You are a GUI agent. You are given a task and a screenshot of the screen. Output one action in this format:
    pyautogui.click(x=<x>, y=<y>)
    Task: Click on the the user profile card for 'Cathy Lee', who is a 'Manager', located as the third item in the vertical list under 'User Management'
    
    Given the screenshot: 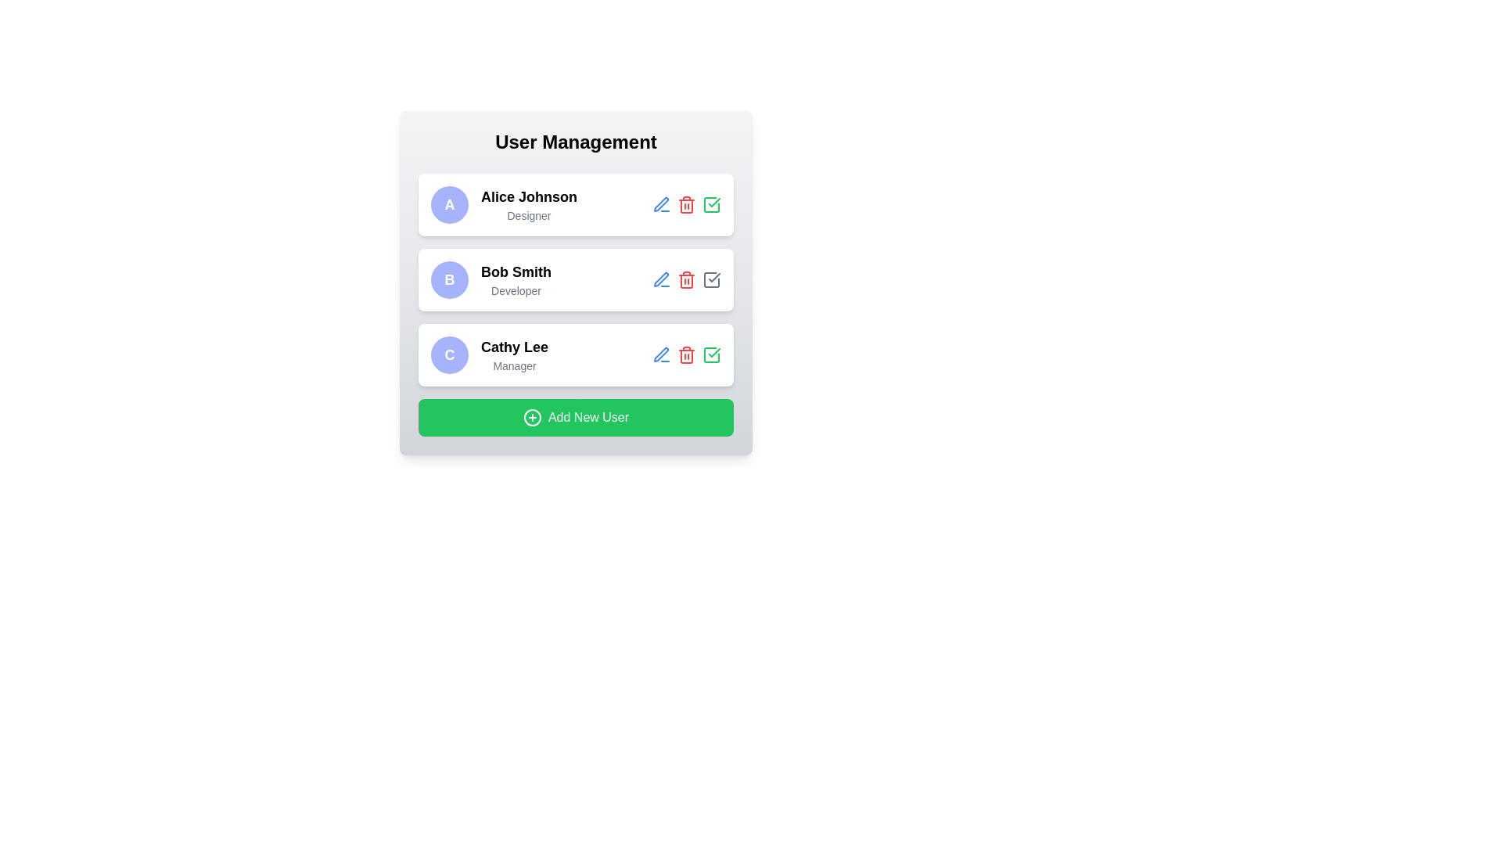 What is the action you would take?
    pyautogui.click(x=489, y=355)
    